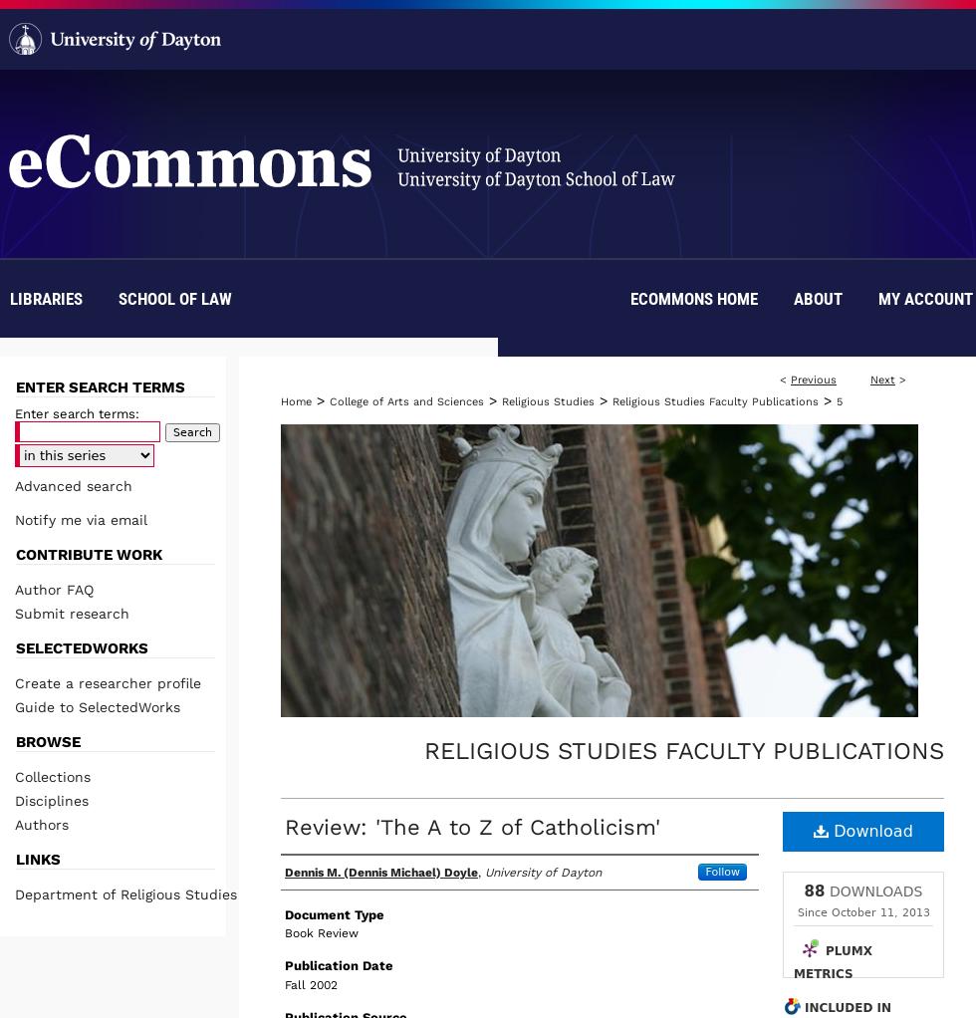  What do you see at coordinates (406, 401) in the screenshot?
I see `'College of Arts and Sciences'` at bounding box center [406, 401].